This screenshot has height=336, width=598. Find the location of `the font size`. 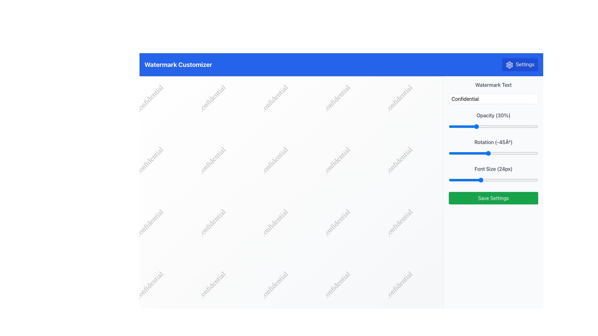

the font size is located at coordinates (509, 180).